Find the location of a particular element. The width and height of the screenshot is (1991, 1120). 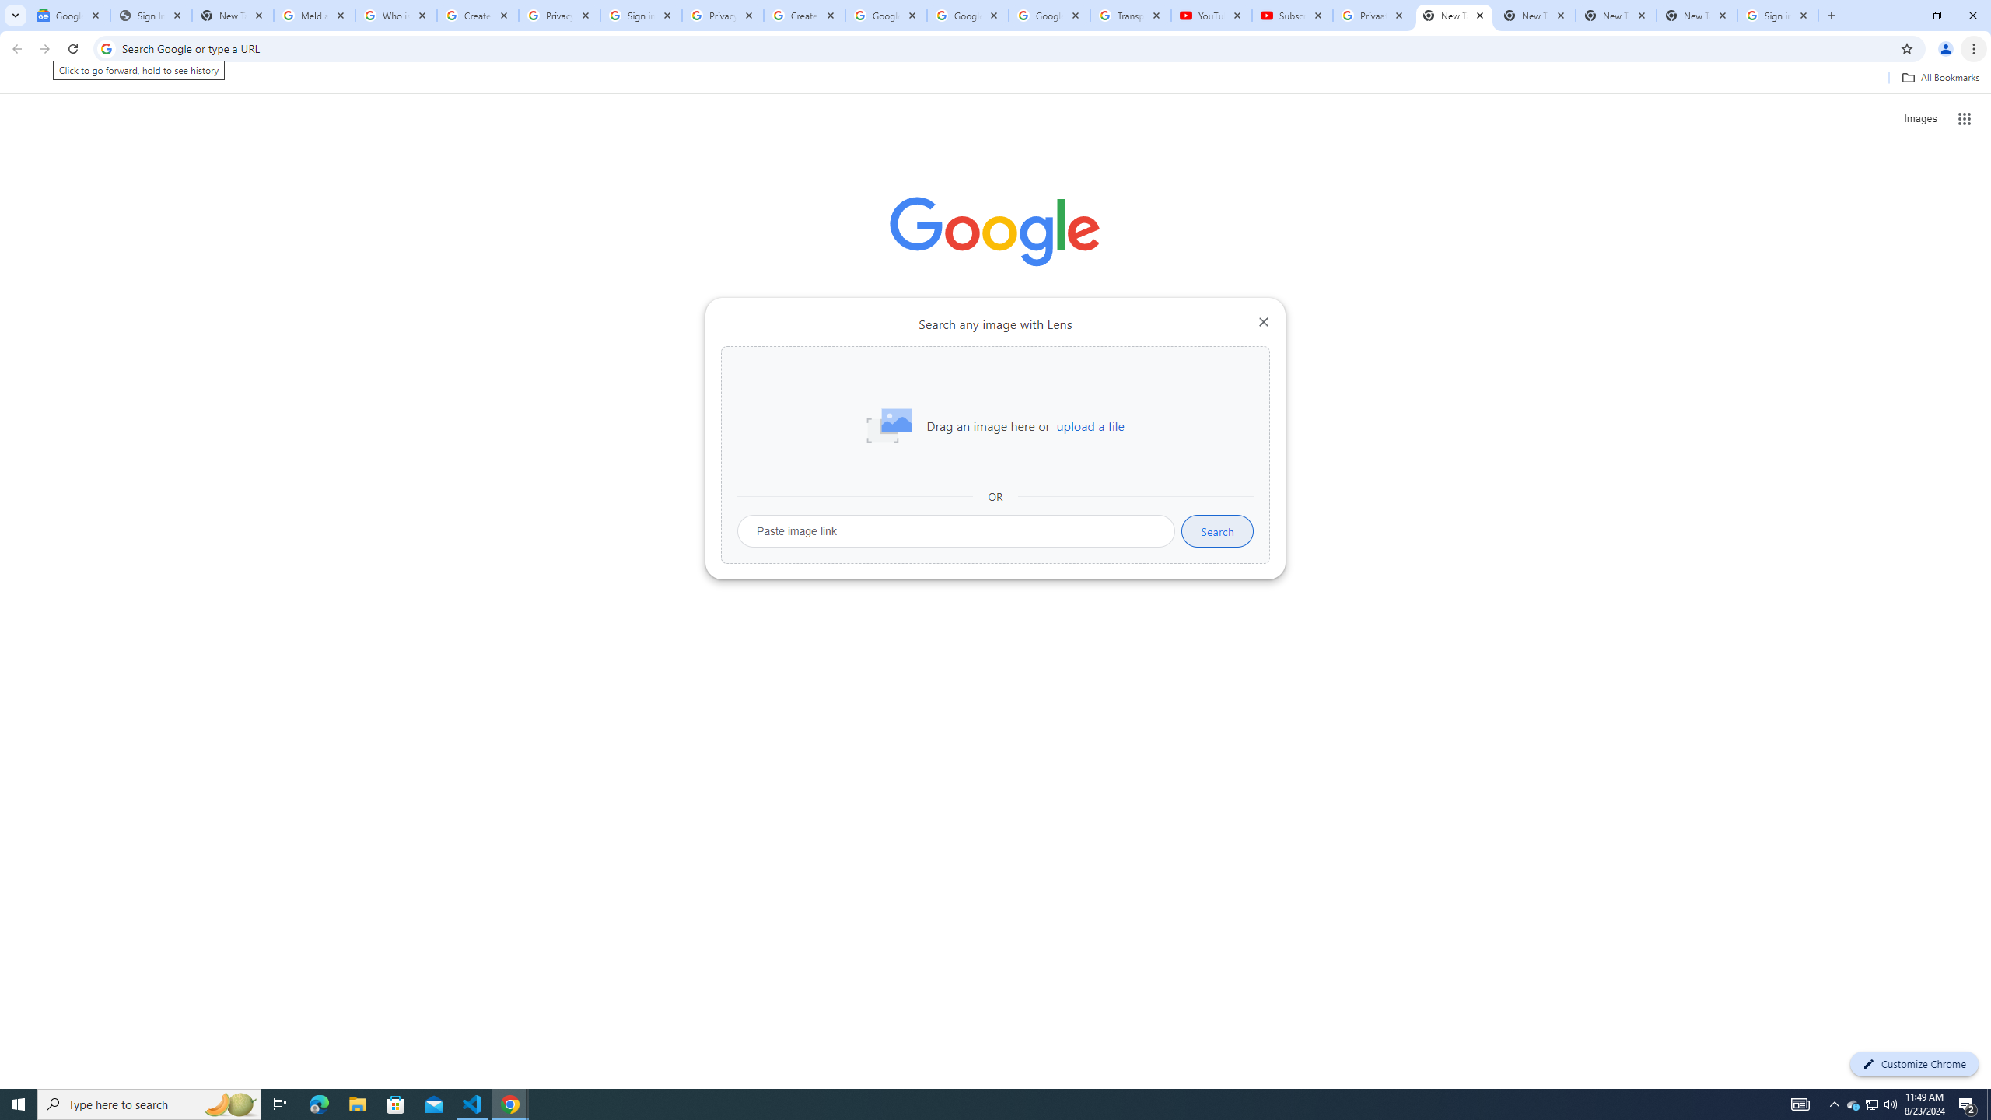

'Who is my administrator? - Google Account Help' is located at coordinates (396, 15).